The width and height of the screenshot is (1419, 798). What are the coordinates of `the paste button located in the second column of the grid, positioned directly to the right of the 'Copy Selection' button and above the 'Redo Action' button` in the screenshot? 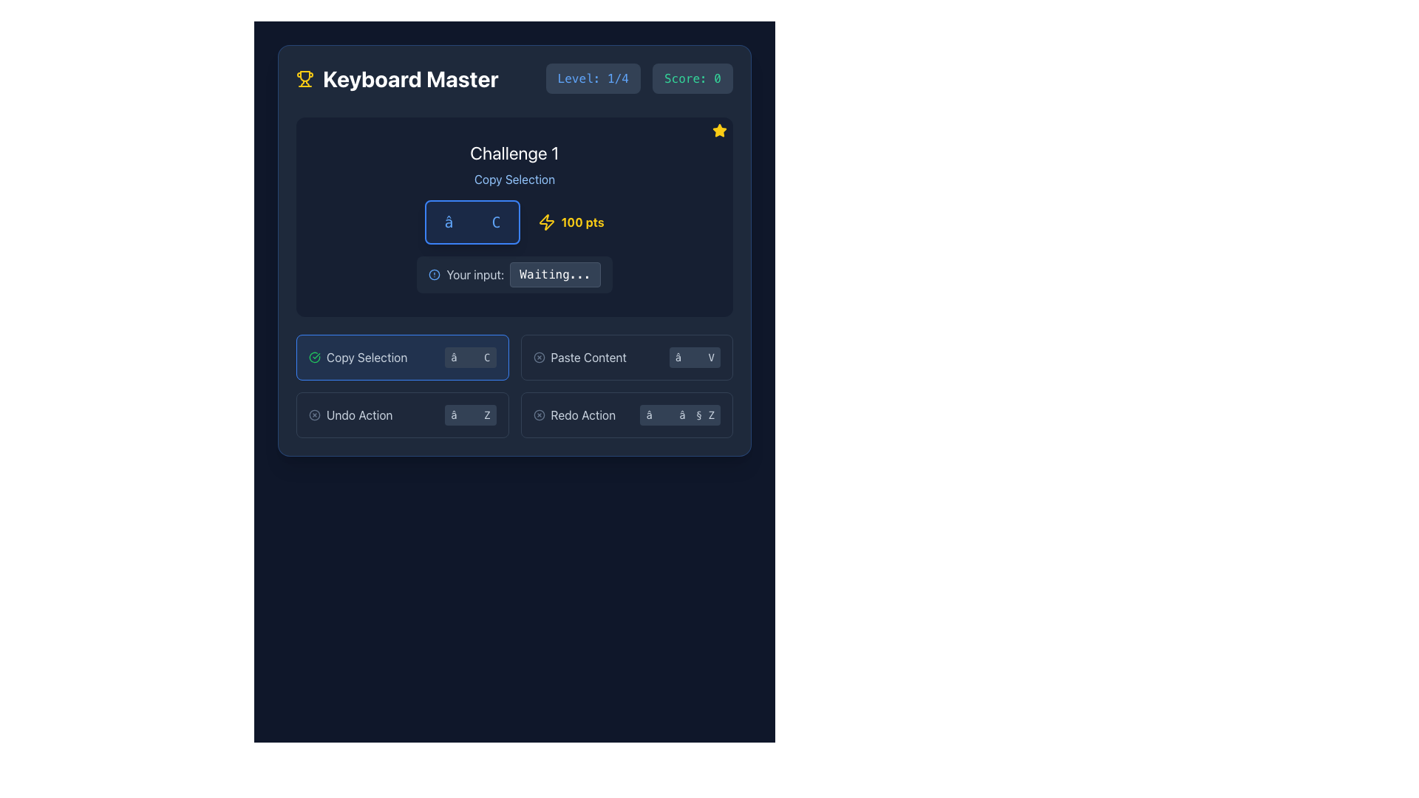 It's located at (627, 357).